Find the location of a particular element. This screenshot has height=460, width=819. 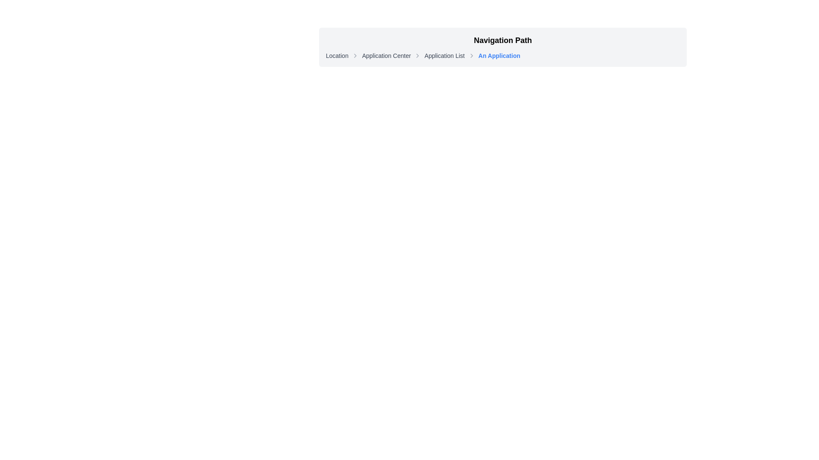

the first interactive text link in the breadcrumb navigation bar to underline it is located at coordinates (337, 56).